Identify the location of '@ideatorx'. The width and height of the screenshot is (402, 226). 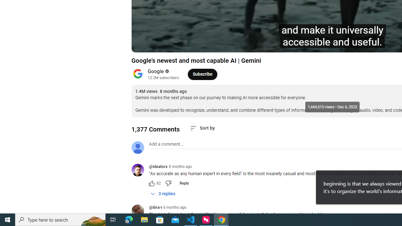
(158, 167).